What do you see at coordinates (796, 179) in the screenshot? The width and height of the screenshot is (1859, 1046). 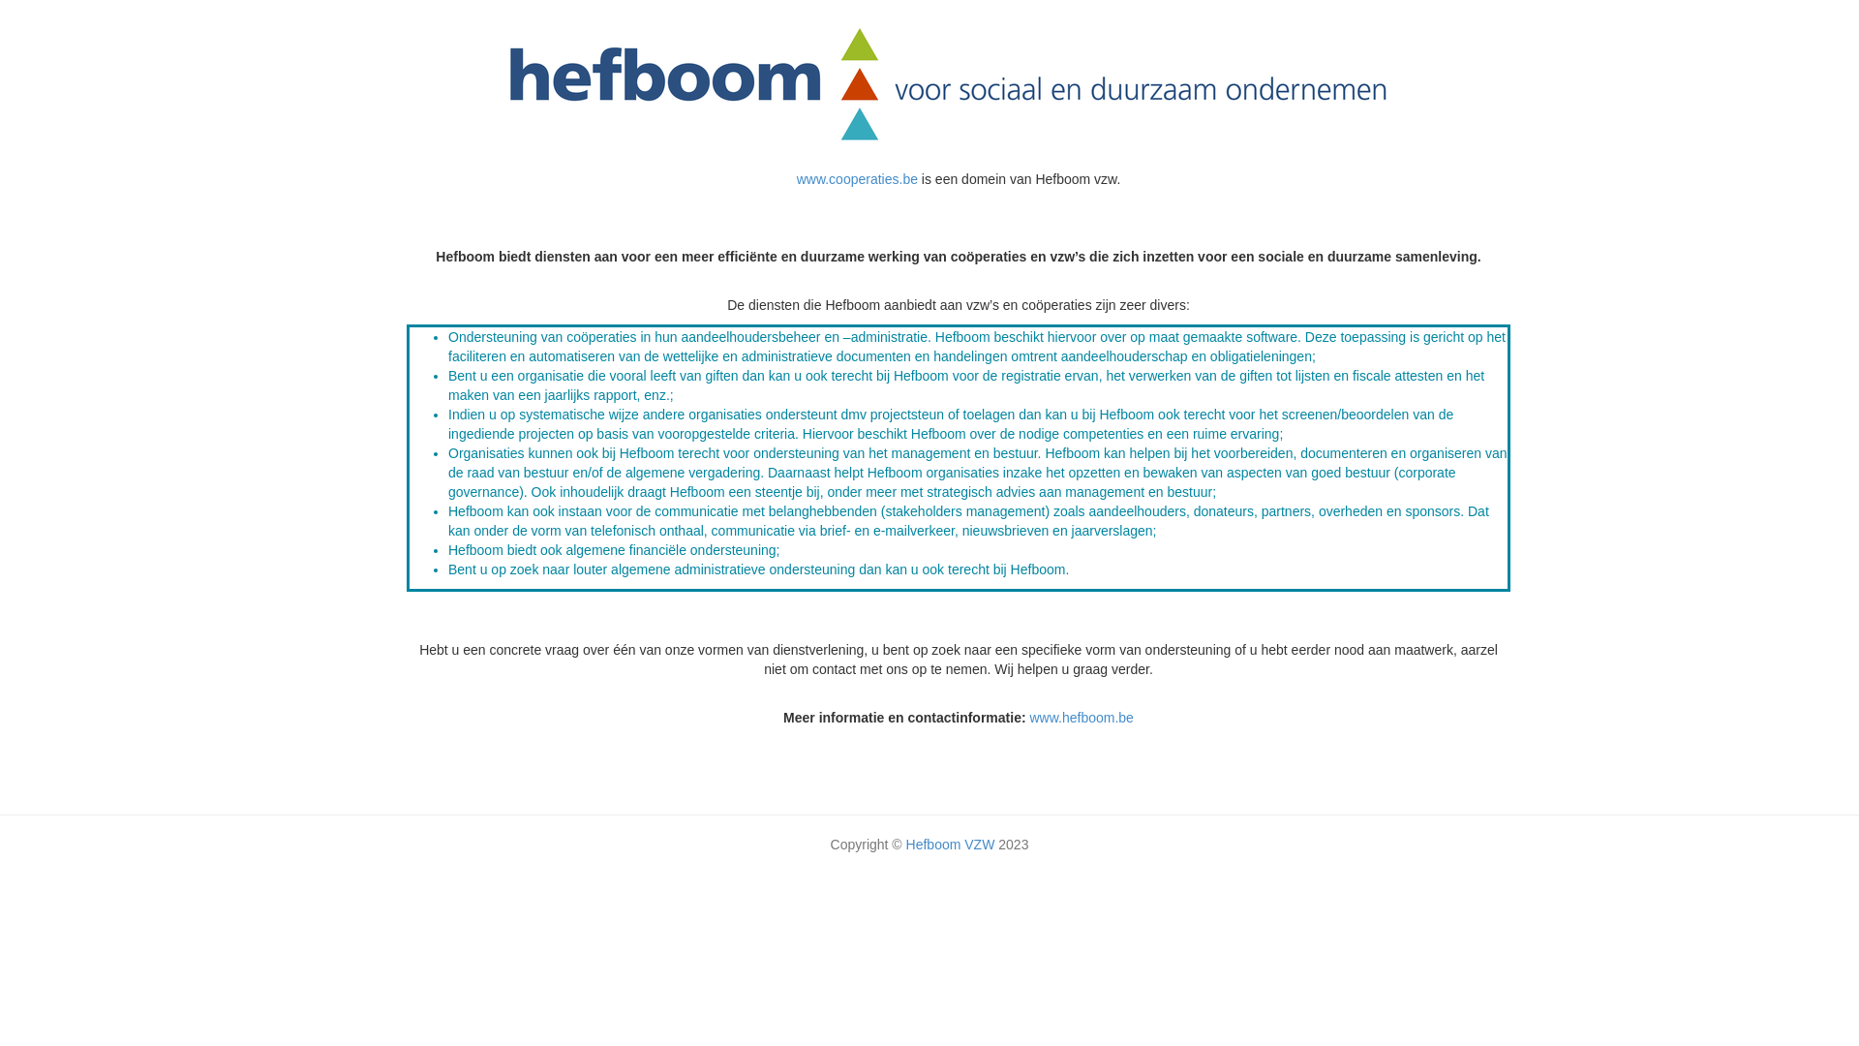 I see `'www.cooperaties.be'` at bounding box center [796, 179].